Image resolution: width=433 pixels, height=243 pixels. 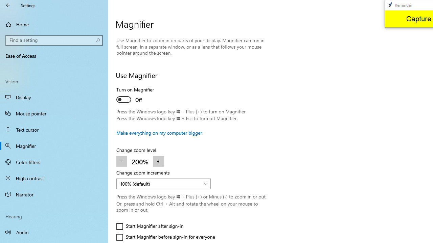 I want to click on 'Text cursor', so click(x=54, y=130).